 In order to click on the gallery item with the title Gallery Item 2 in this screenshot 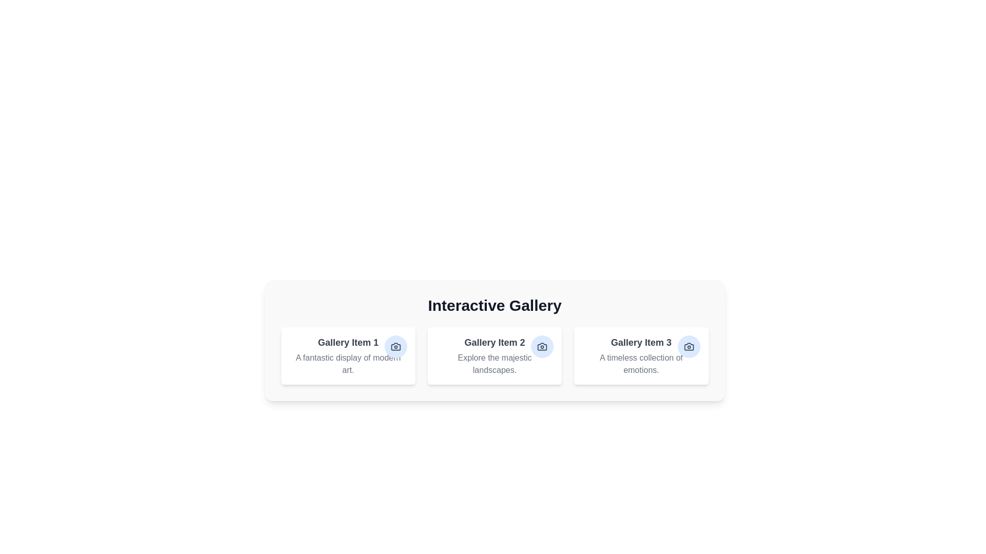, I will do `click(495, 355)`.